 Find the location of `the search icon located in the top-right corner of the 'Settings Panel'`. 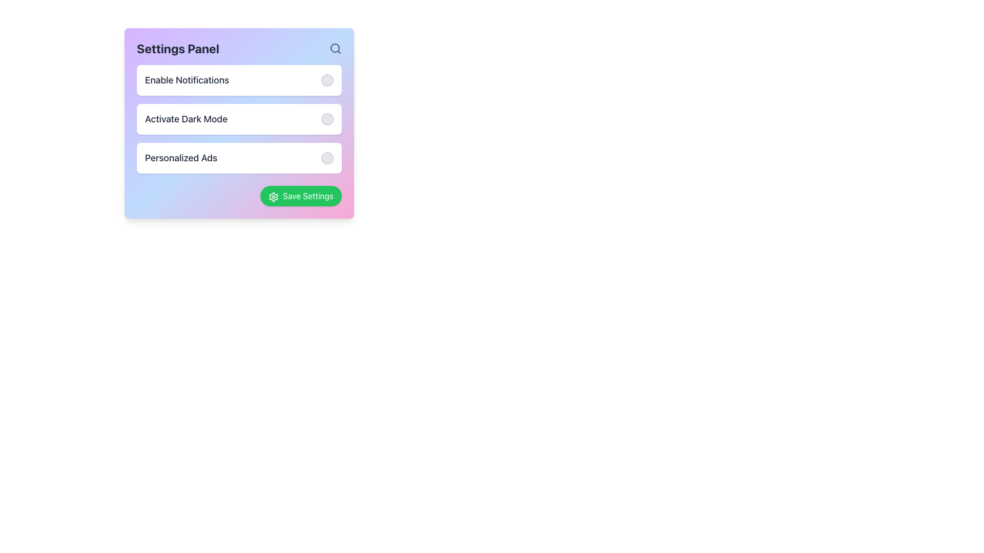

the search icon located in the top-right corner of the 'Settings Panel' is located at coordinates (335, 49).